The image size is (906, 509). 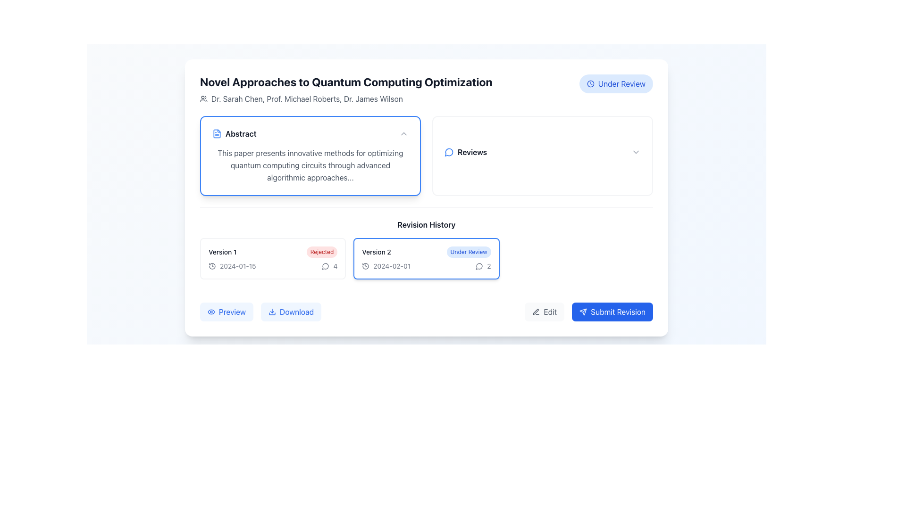 What do you see at coordinates (322, 252) in the screenshot?
I see `the 'Rejected' text label, which is a small, pill-shaped label with rounded corners and red text, located to the right of the 'Version 1' label in the 'Revision History' panel` at bounding box center [322, 252].